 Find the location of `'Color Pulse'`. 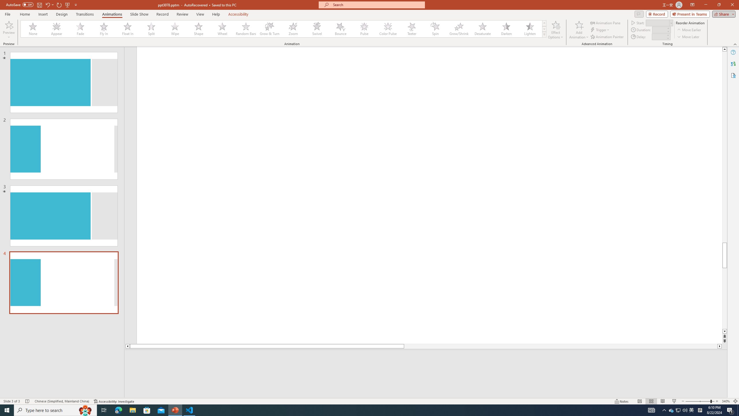

'Color Pulse' is located at coordinates (388, 29).